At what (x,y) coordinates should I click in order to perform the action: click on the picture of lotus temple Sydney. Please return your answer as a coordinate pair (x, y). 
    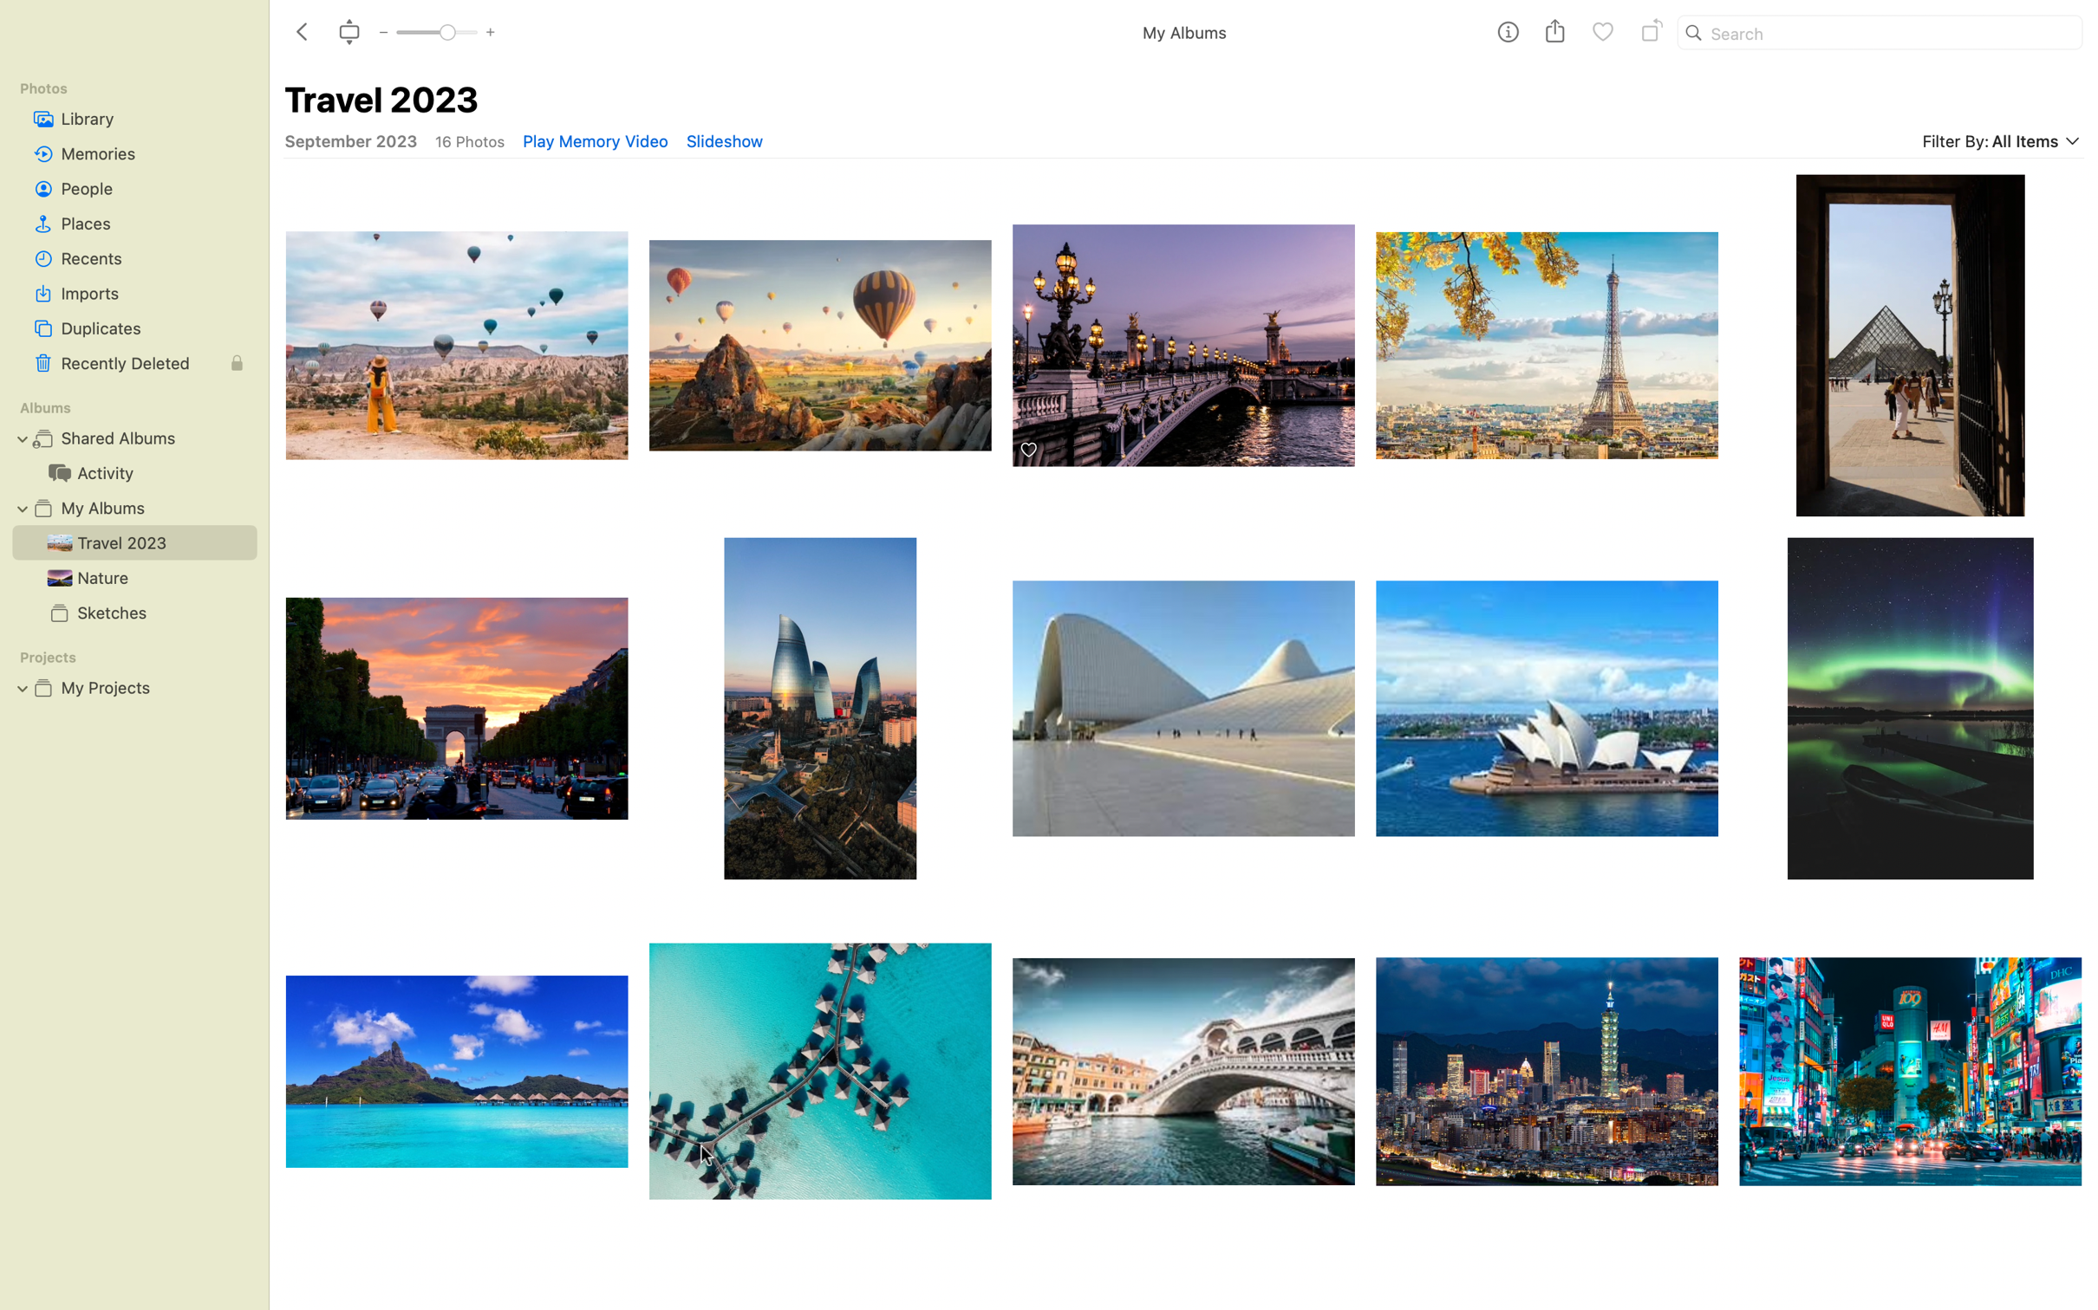
    Looking at the image, I should click on (1547, 707).